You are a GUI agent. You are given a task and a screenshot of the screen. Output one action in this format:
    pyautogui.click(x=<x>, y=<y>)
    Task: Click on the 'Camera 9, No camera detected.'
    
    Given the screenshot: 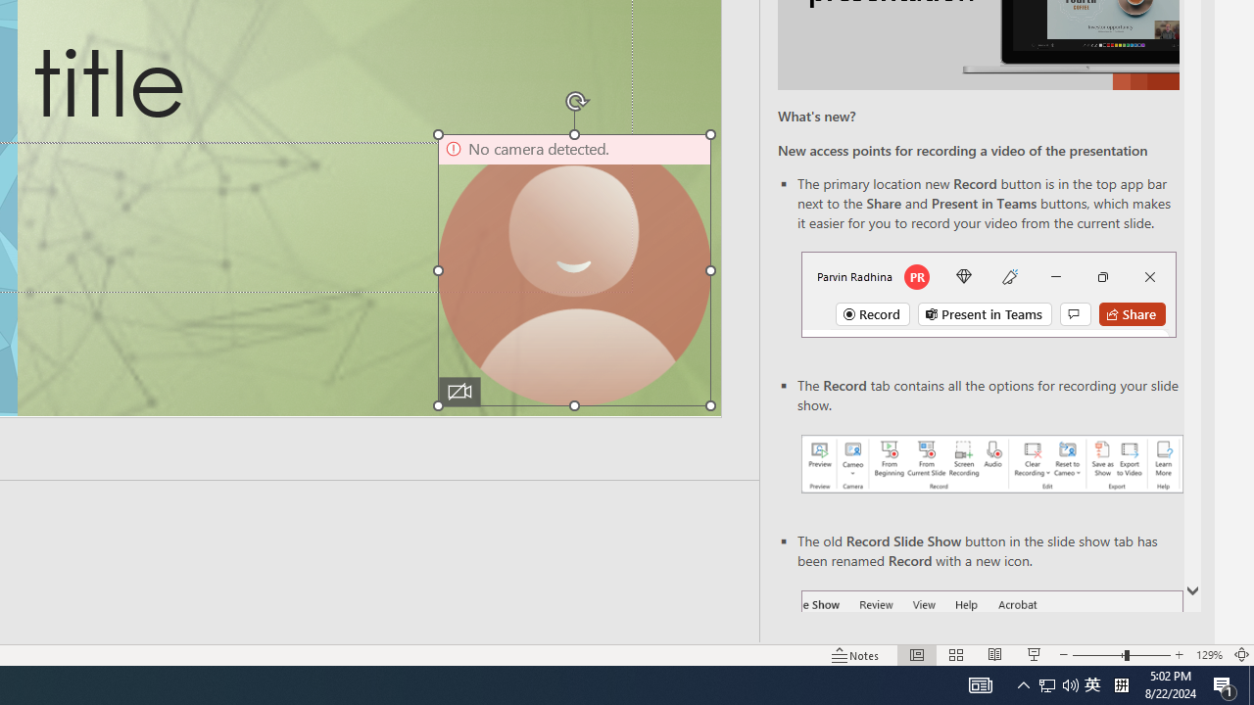 What is the action you would take?
    pyautogui.click(x=573, y=270)
    